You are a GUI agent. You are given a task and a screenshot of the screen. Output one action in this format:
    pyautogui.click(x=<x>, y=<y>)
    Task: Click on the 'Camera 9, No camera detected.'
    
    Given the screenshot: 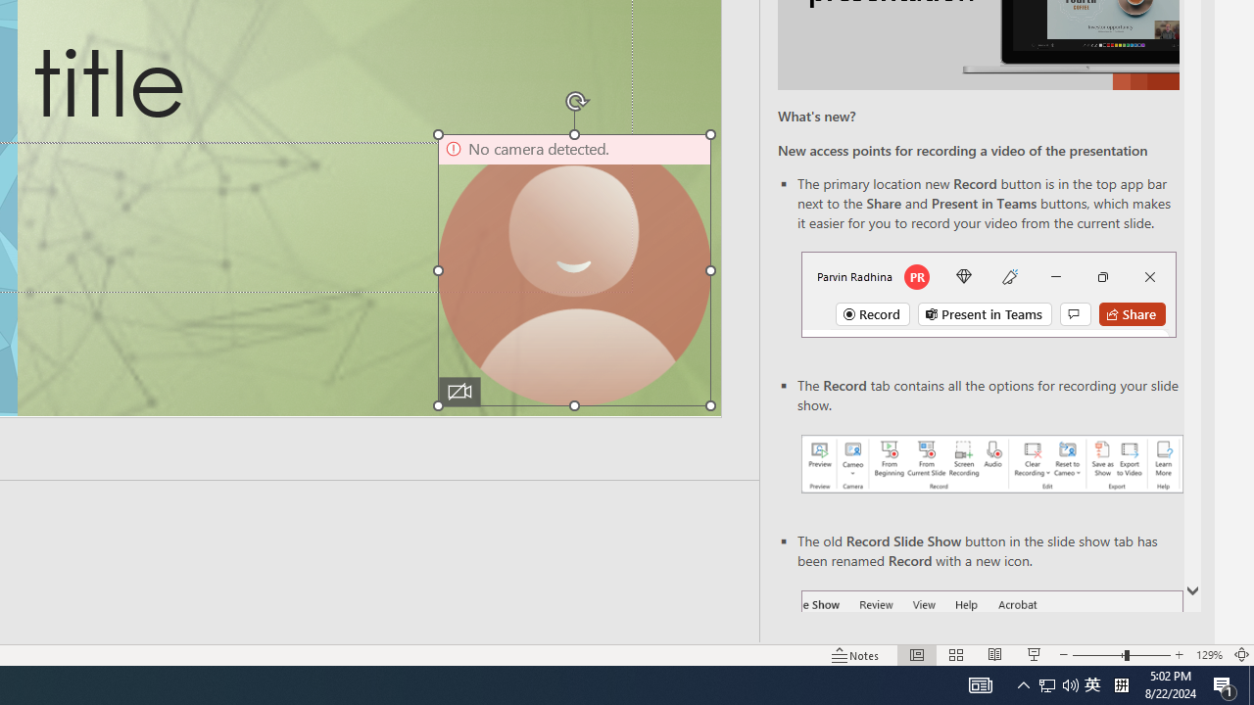 What is the action you would take?
    pyautogui.click(x=573, y=270)
    